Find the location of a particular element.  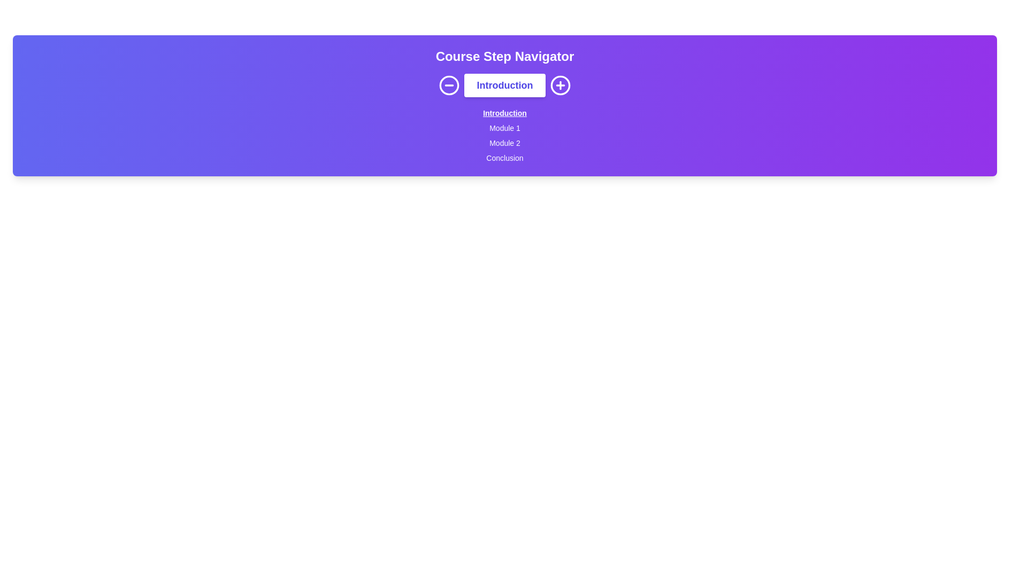

the text label indicating the second module in the course steps is located at coordinates (504, 140).